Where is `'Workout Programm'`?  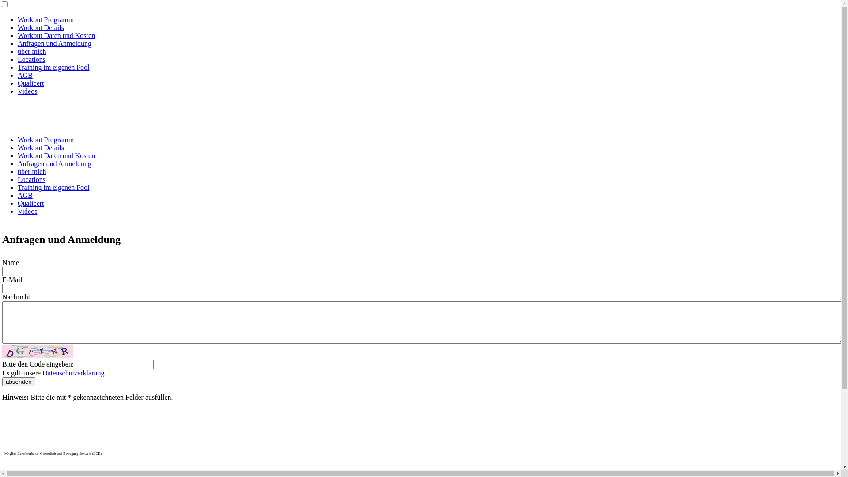
'Workout Programm' is located at coordinates (45, 139).